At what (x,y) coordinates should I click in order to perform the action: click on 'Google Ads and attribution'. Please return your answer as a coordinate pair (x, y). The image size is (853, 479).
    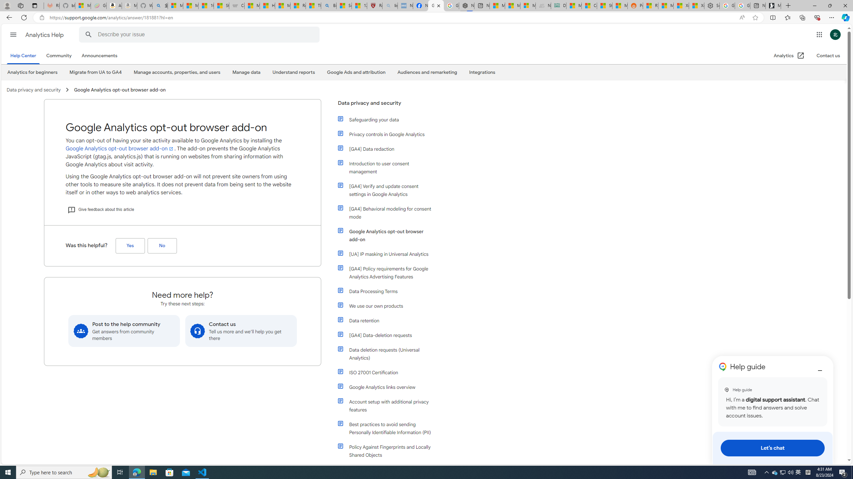
    Looking at the image, I should click on (356, 72).